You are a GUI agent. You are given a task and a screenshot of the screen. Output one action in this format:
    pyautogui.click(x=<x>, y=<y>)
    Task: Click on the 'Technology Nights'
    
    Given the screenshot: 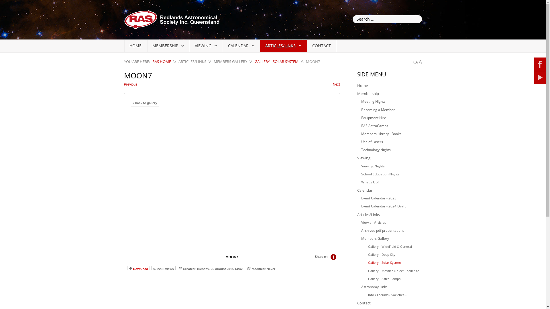 What is the action you would take?
    pyautogui.click(x=391, y=150)
    